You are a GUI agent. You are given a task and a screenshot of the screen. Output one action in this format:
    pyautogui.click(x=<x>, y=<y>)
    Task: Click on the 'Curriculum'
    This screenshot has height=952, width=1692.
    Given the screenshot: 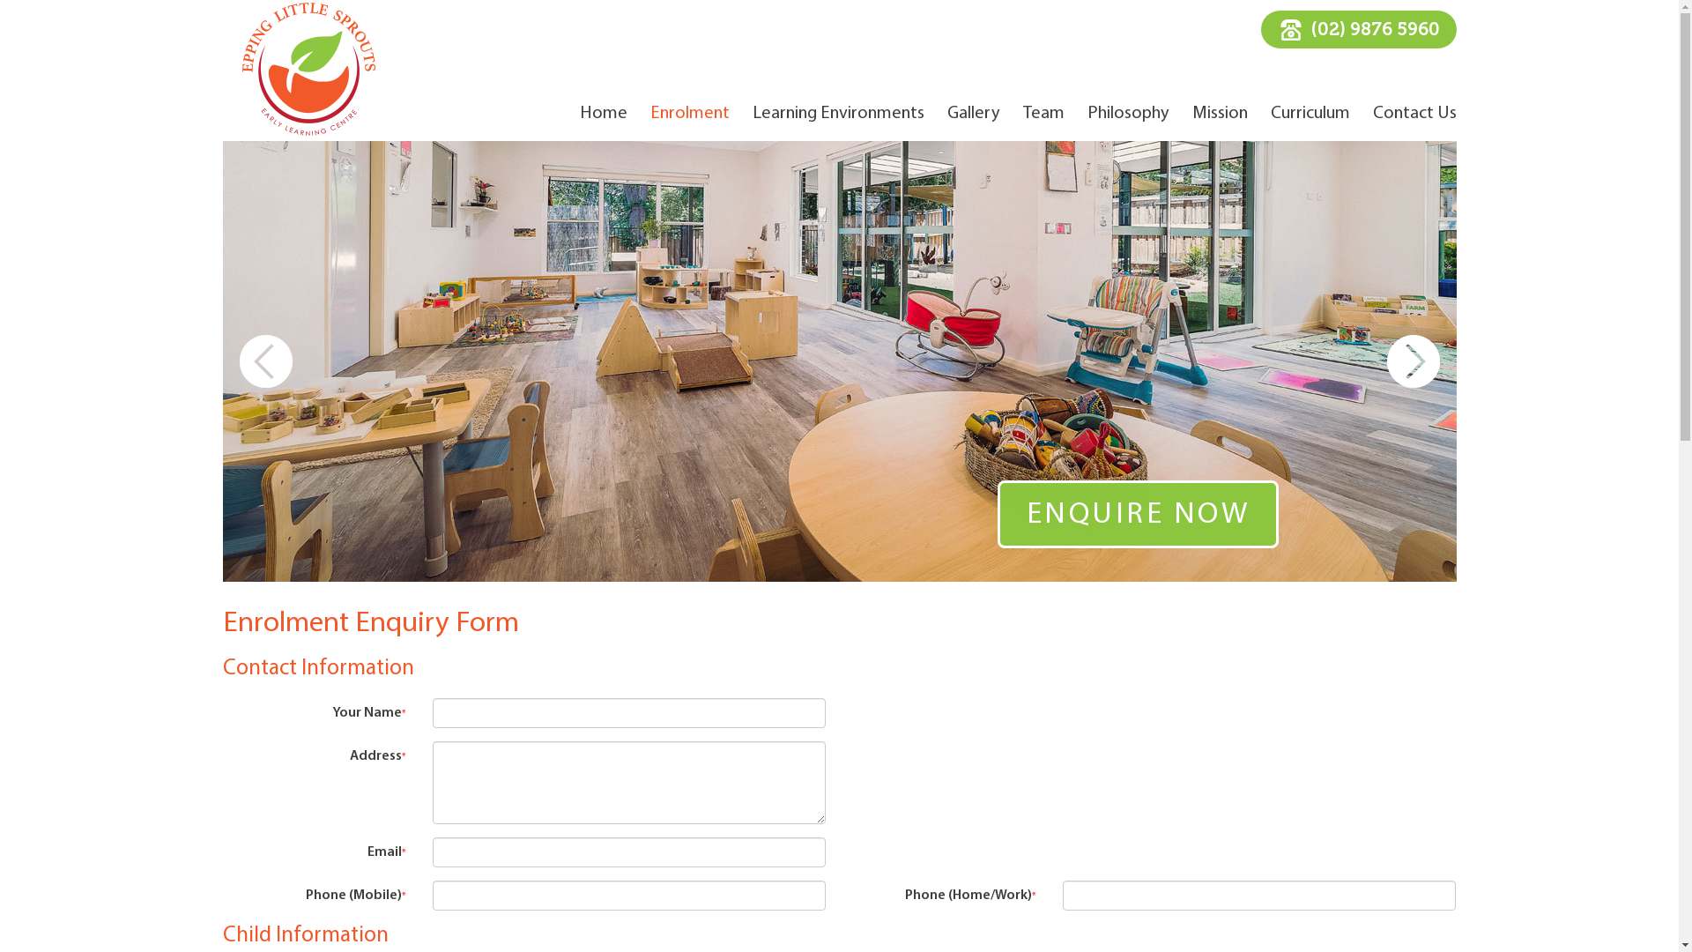 What is the action you would take?
    pyautogui.click(x=1310, y=114)
    